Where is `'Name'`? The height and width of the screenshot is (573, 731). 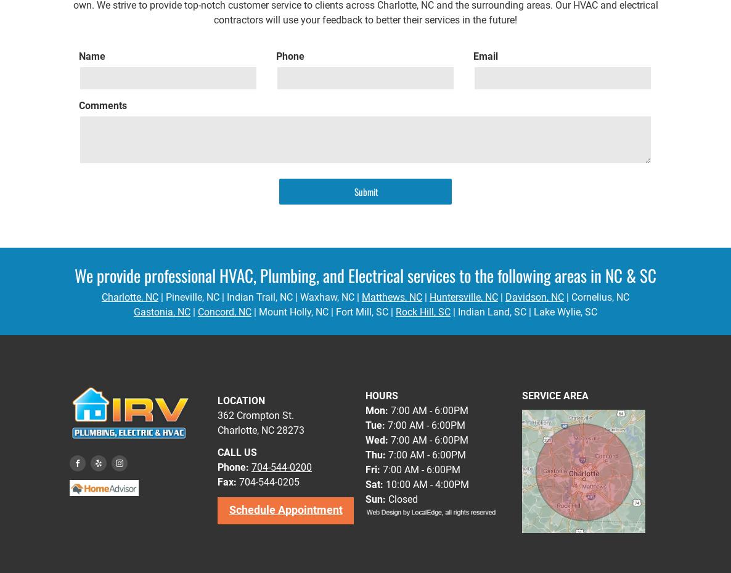
'Name' is located at coordinates (91, 56).